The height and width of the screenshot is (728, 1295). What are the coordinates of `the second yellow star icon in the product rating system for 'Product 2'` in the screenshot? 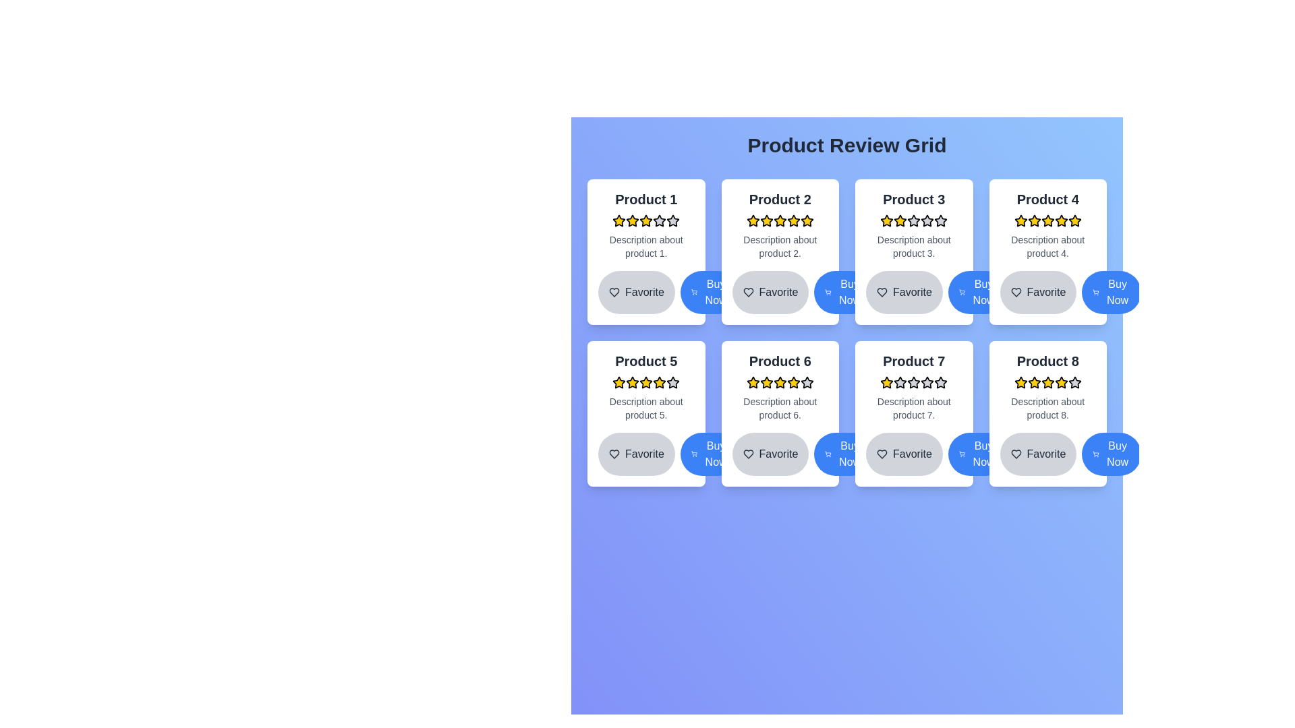 It's located at (780, 220).